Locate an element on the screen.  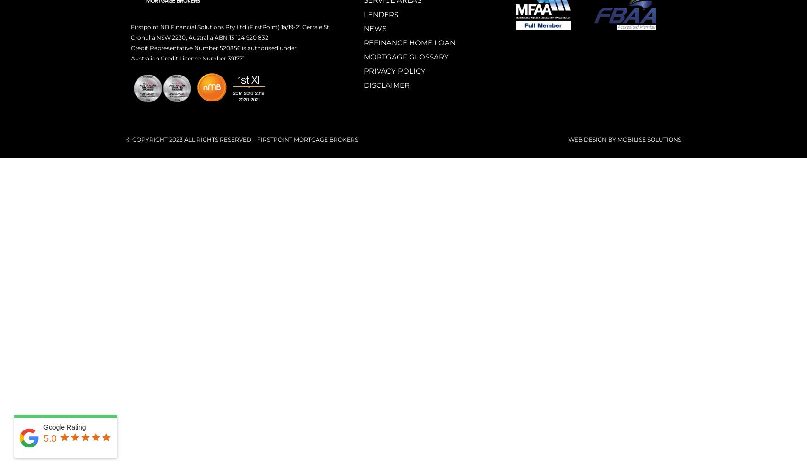
'© COPYRIGHT 2023 ALL RIGHTS RESERVED – FIRSTPOINT MORTGAGE BROKERS' is located at coordinates (125, 139).